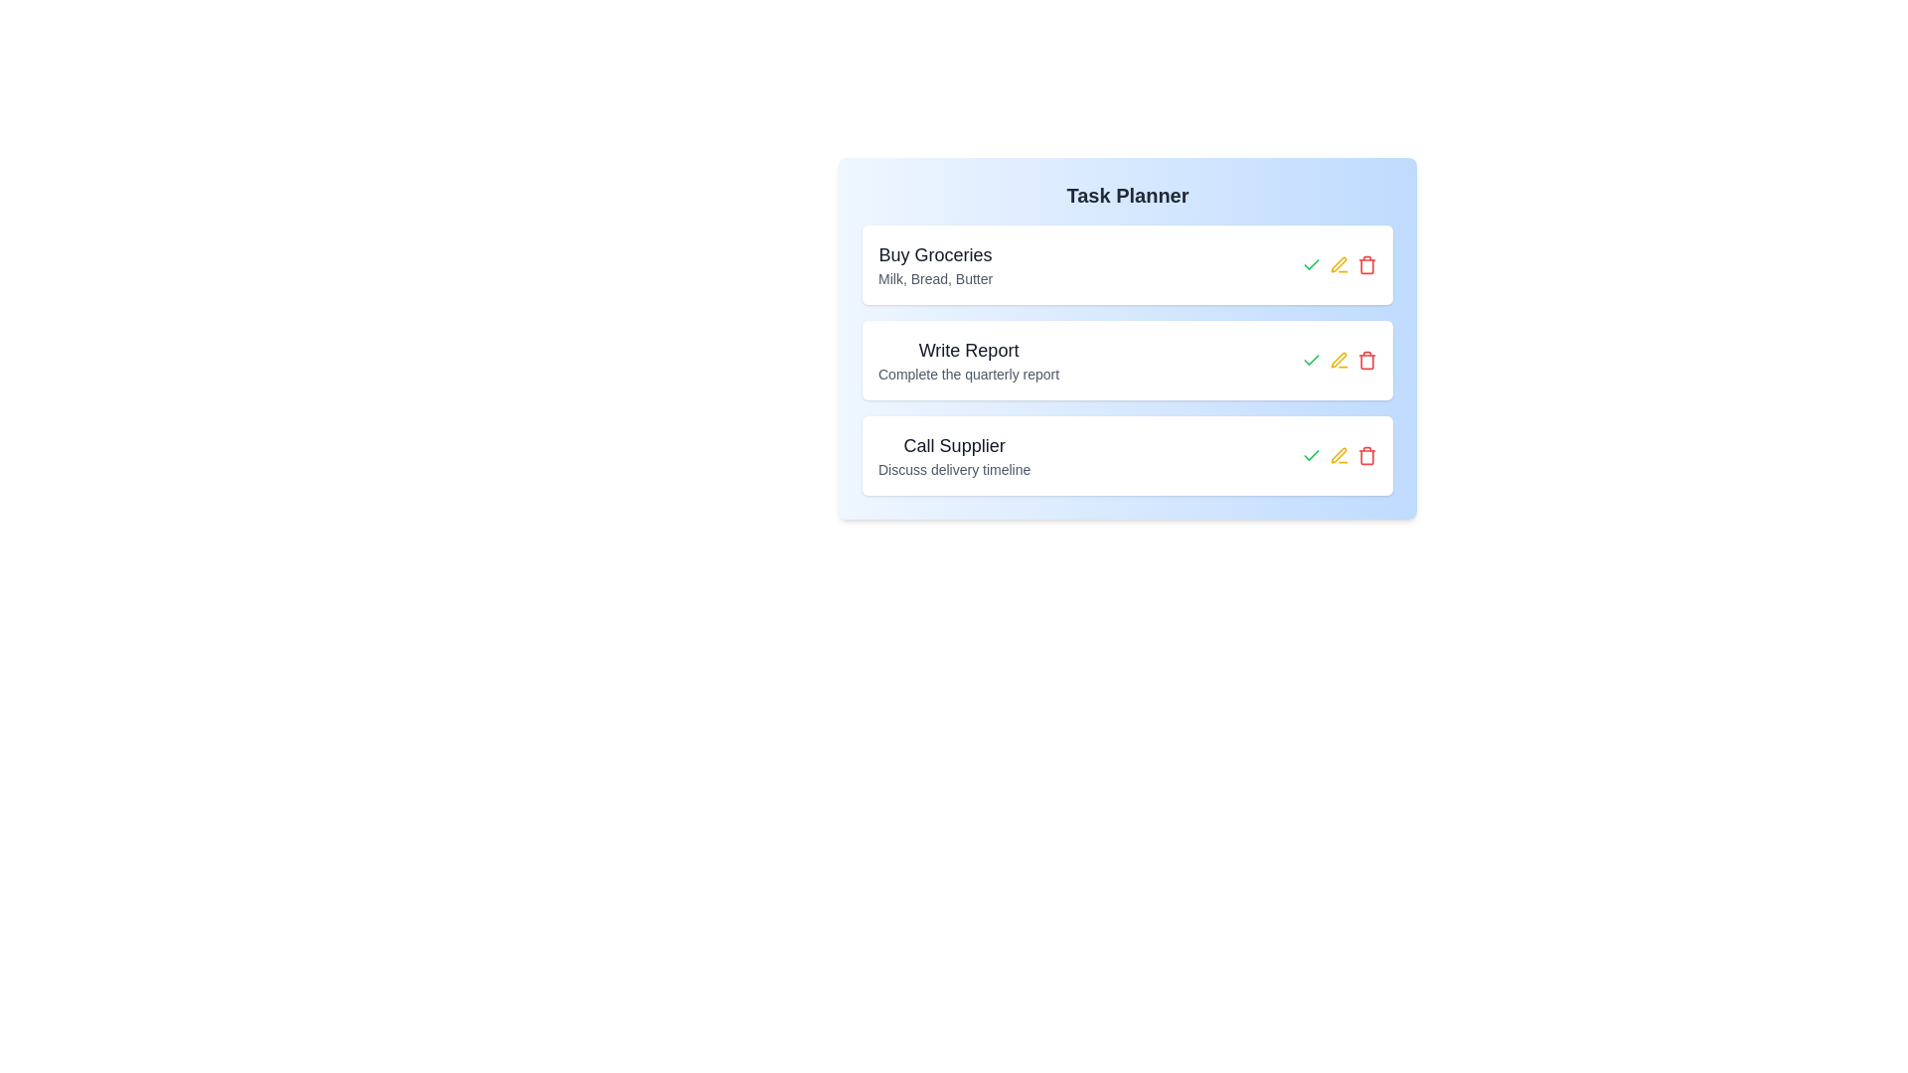 This screenshot has height=1073, width=1908. What do you see at coordinates (1340, 456) in the screenshot?
I see `the edit button for the task Call Supplier` at bounding box center [1340, 456].